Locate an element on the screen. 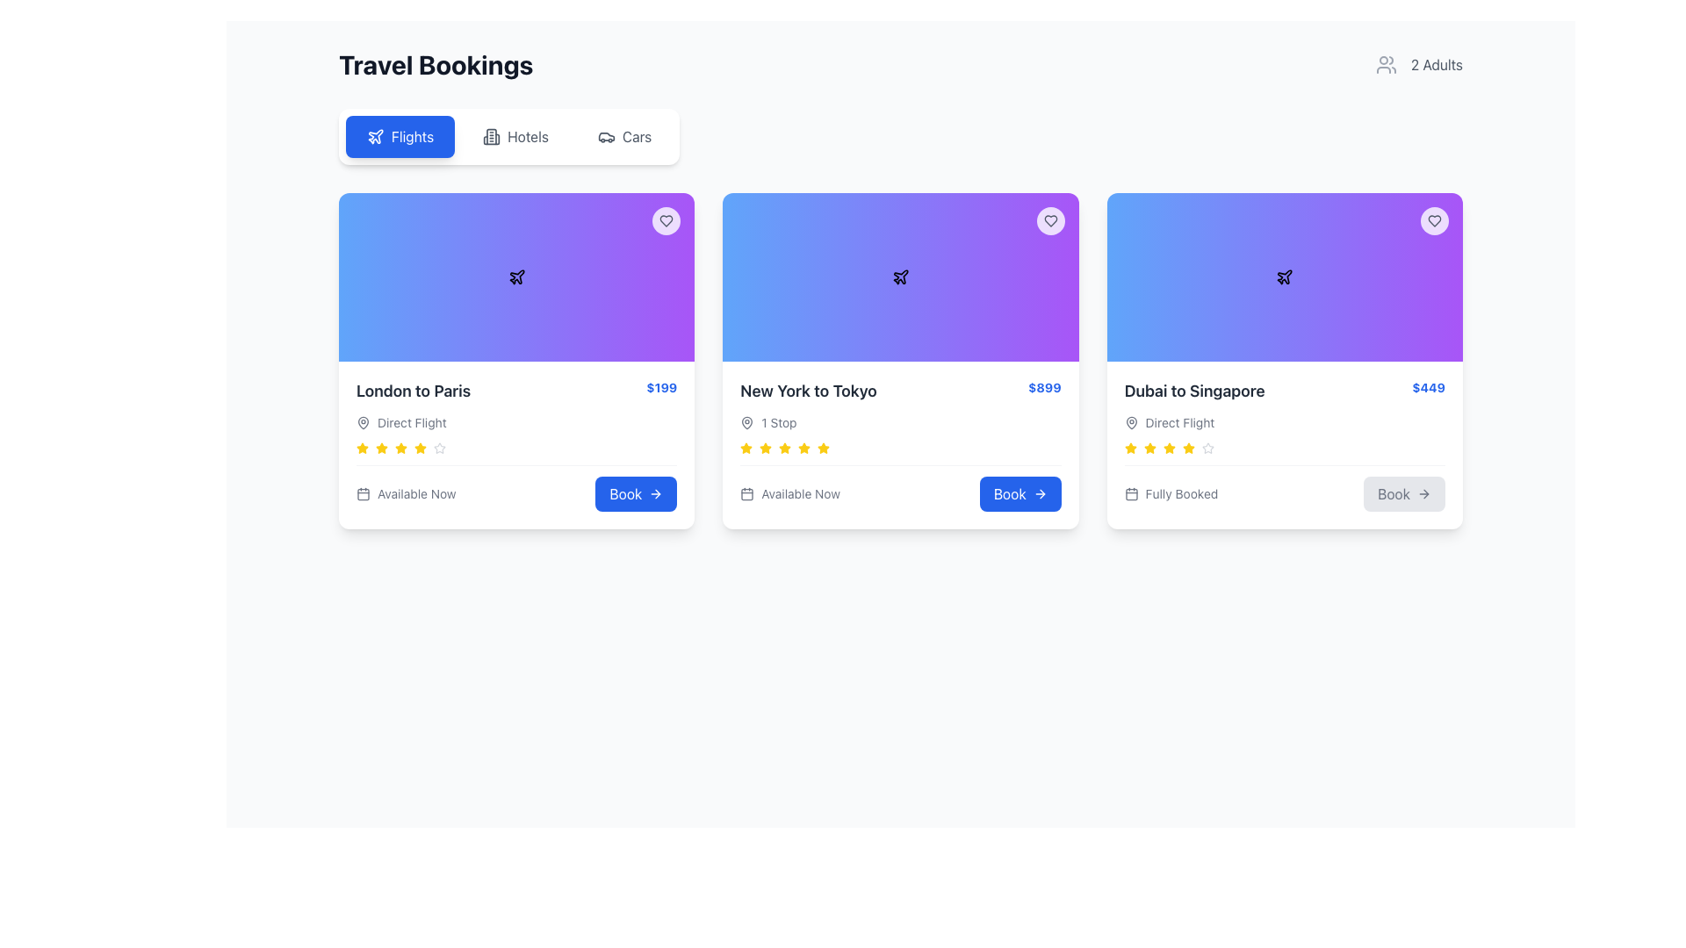 The image size is (1686, 948). the static display label with icon that shows the selected number of adults for booking, located in the top-right corner next to the title 'Travel Bookings' is located at coordinates (1419, 63).